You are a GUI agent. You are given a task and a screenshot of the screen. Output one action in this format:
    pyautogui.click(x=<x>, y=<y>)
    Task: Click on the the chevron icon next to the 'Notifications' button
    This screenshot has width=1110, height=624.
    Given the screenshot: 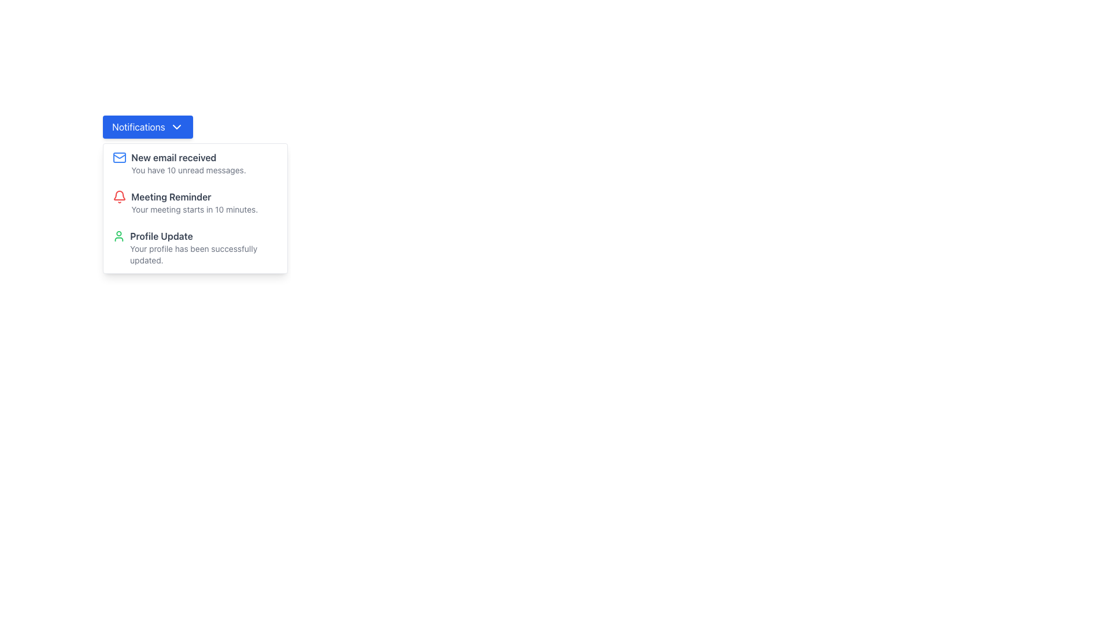 What is the action you would take?
    pyautogui.click(x=176, y=127)
    